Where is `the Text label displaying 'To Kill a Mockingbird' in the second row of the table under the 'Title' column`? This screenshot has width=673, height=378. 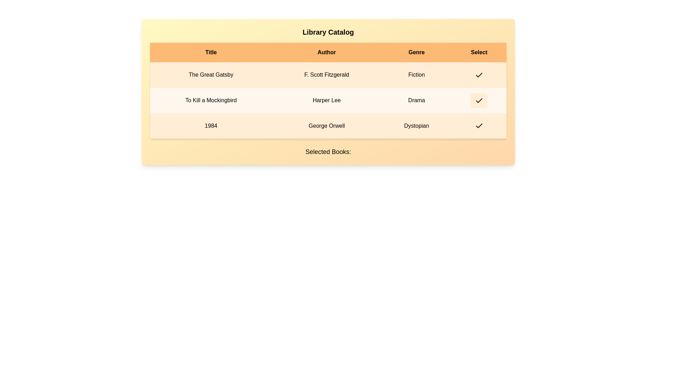 the Text label displaying 'To Kill a Mockingbird' in the second row of the table under the 'Title' column is located at coordinates (211, 100).